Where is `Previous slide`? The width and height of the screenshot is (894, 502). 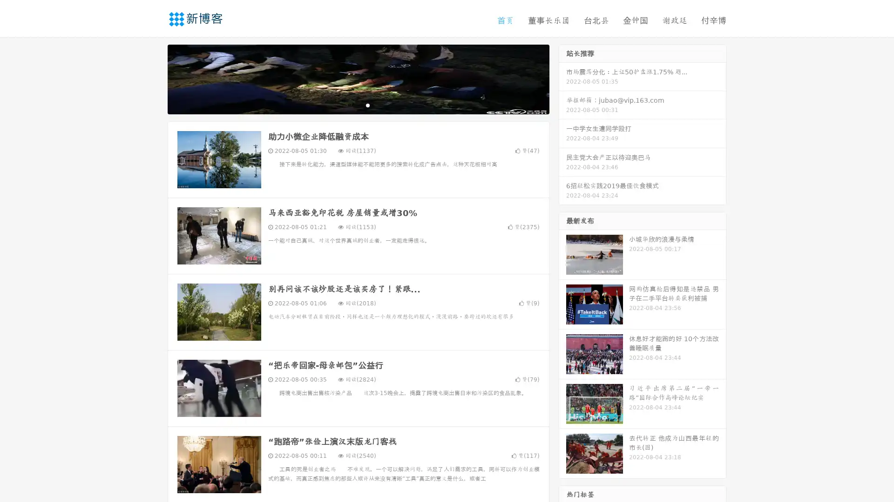 Previous slide is located at coordinates (154, 78).